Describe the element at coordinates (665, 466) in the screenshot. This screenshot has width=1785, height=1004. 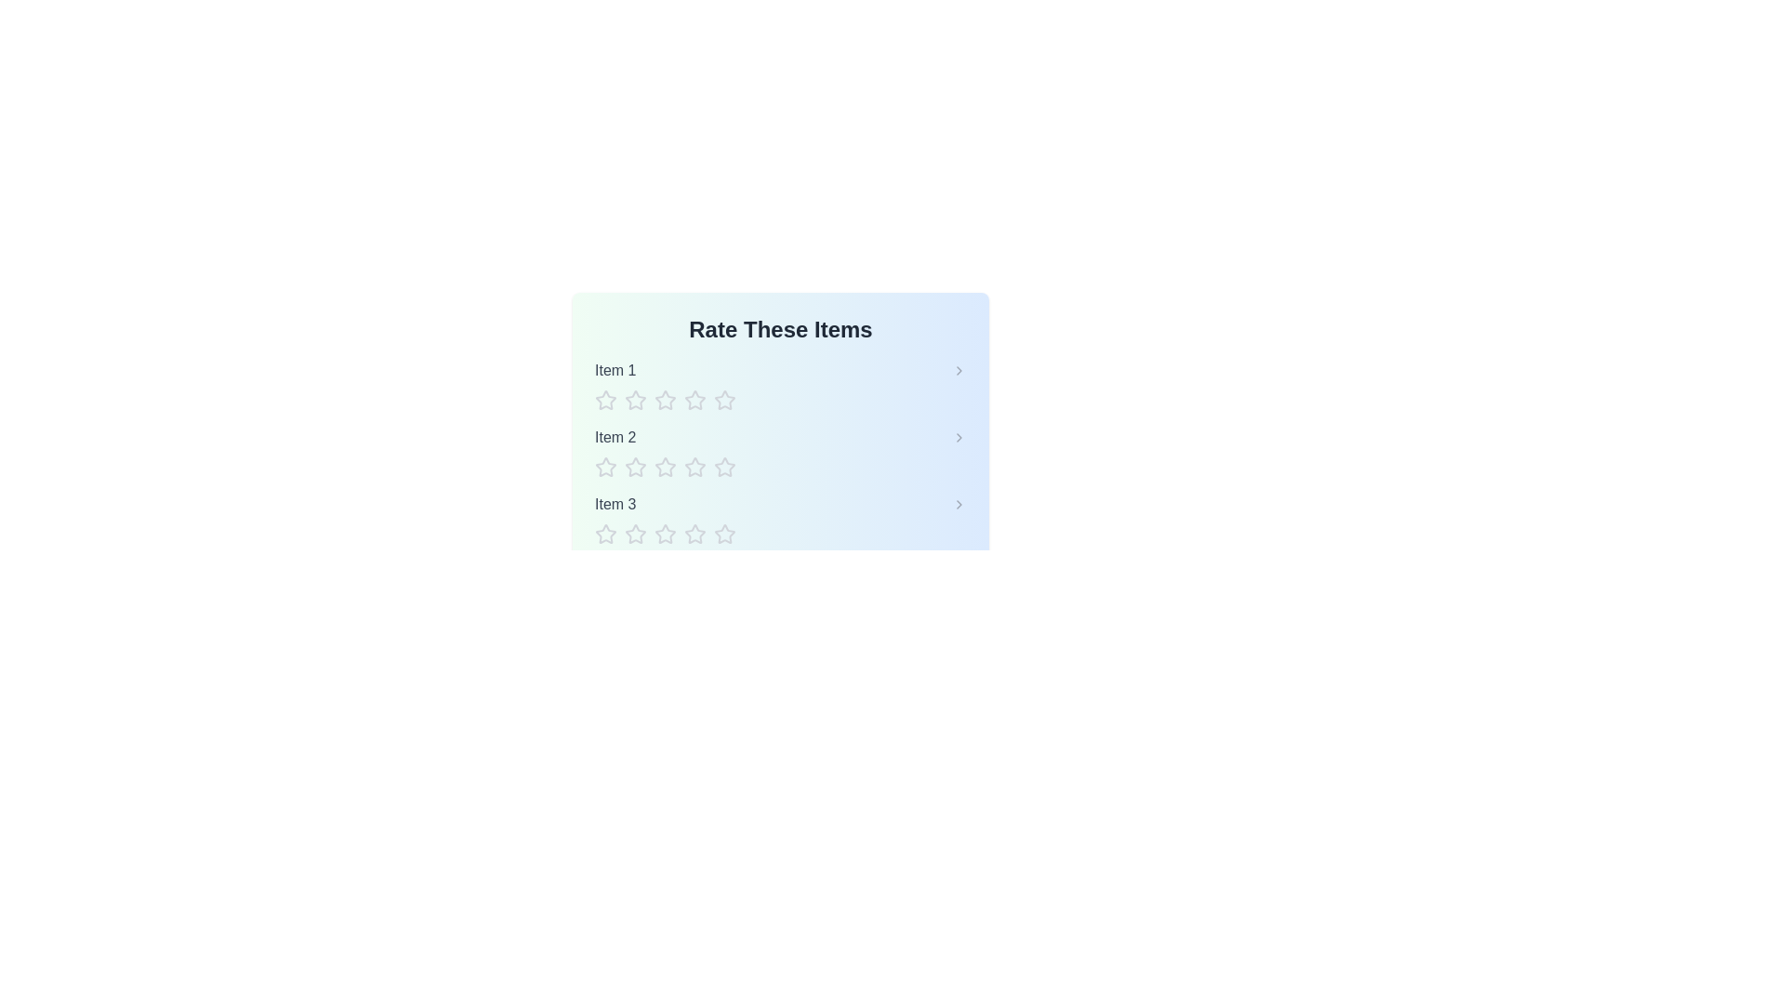
I see `the star corresponding to the rating 3 for item Item 2` at that location.